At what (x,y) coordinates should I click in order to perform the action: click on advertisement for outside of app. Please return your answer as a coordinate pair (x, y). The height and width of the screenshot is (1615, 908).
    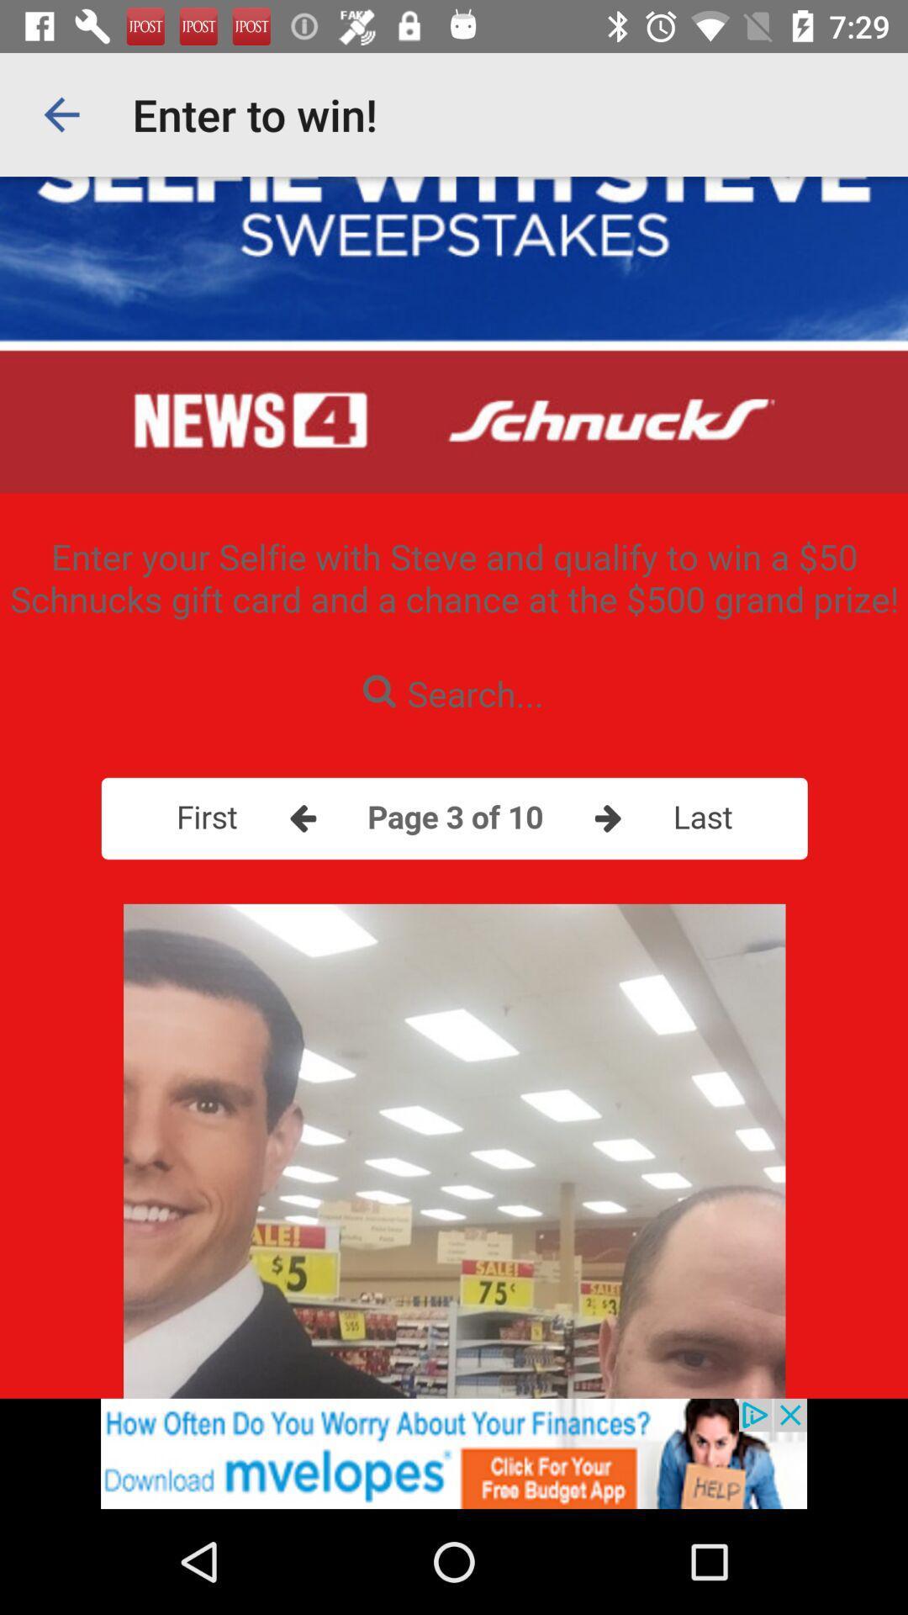
    Looking at the image, I should click on (454, 1453).